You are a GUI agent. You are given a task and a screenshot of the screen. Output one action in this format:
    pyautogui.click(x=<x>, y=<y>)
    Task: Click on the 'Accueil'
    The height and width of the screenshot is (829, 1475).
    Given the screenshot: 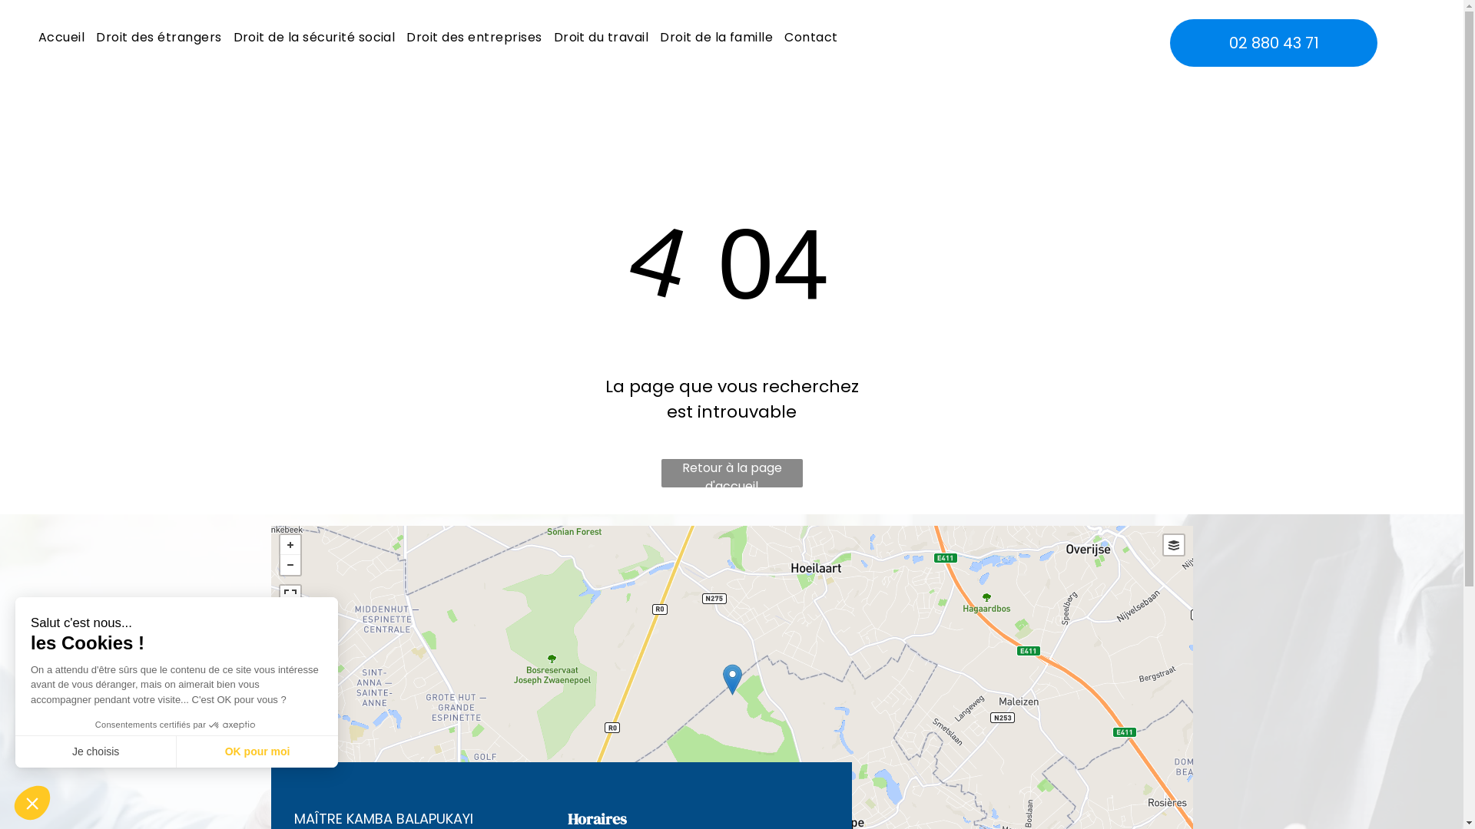 What is the action you would take?
    pyautogui.click(x=59, y=37)
    